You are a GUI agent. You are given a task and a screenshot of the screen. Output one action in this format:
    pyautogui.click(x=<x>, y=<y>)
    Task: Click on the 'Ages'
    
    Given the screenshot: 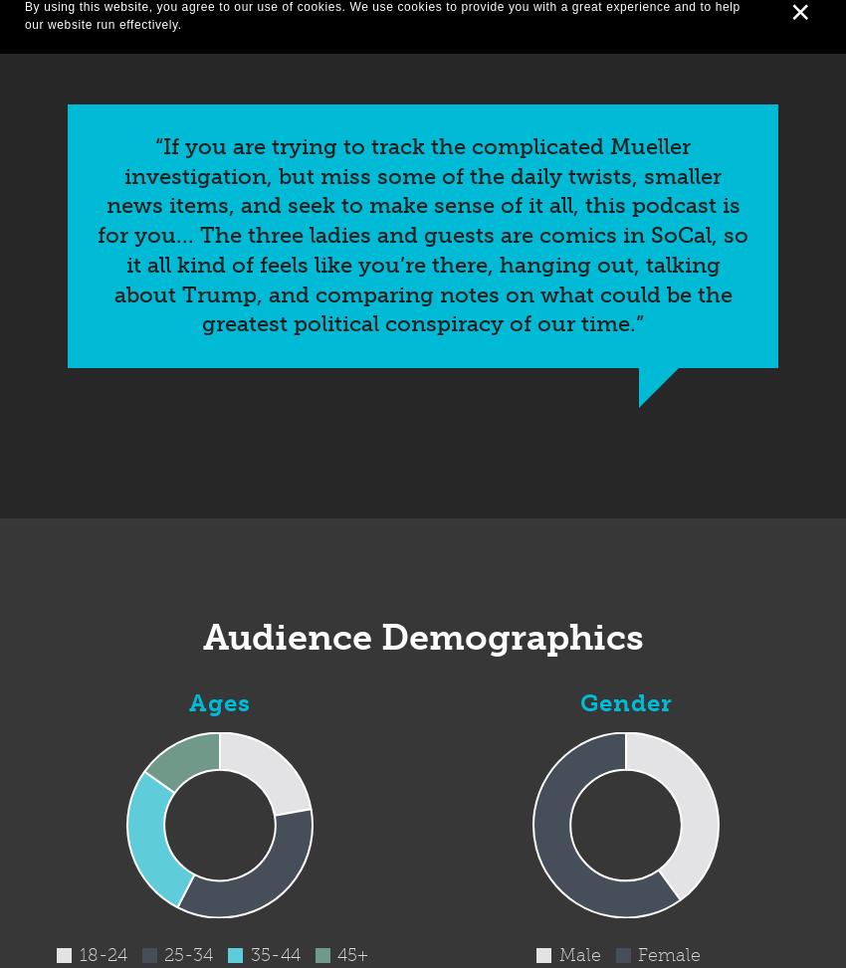 What is the action you would take?
    pyautogui.click(x=187, y=702)
    